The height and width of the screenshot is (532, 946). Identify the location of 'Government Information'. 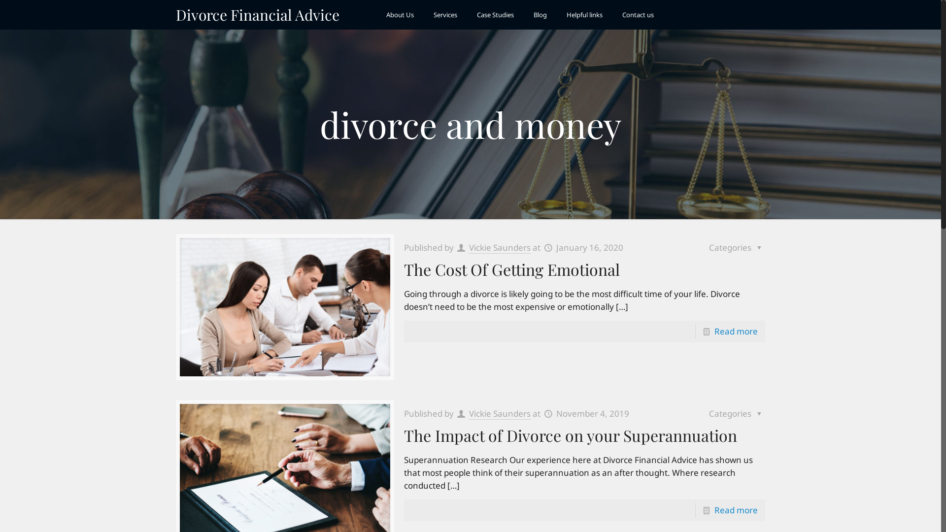
(533, 390).